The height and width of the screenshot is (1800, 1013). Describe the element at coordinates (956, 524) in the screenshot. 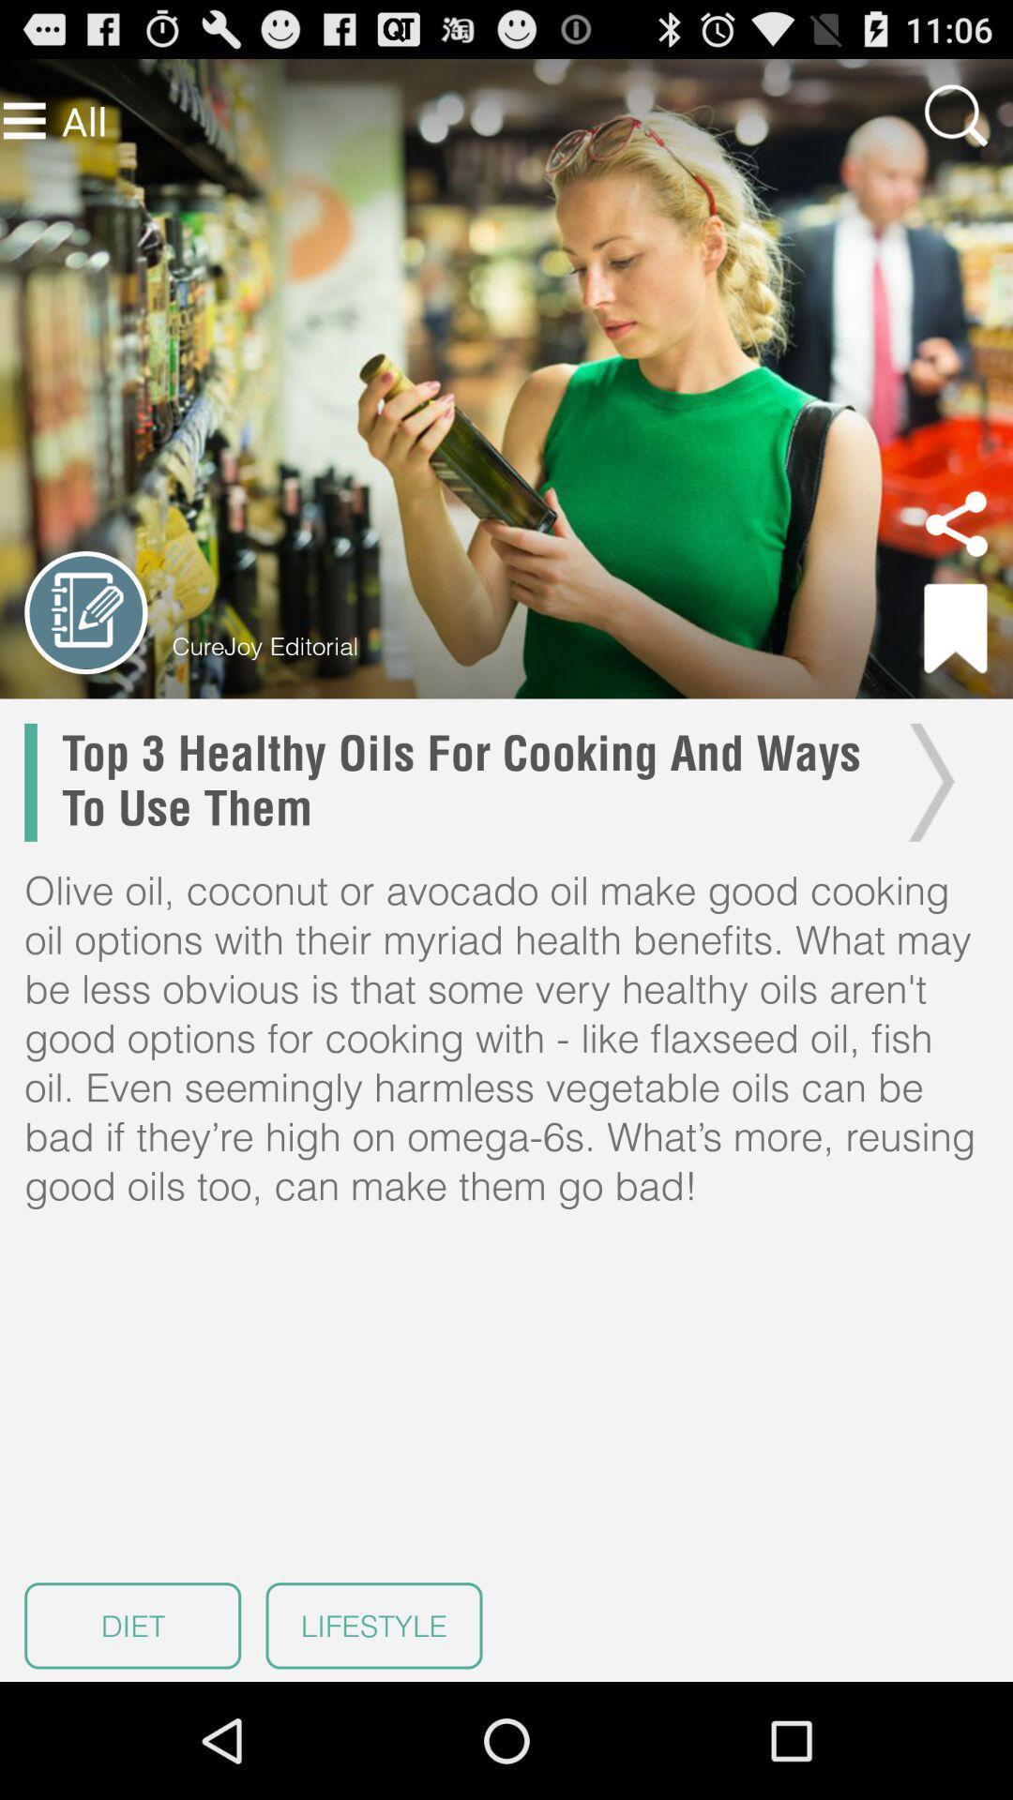

I see `share the article` at that location.